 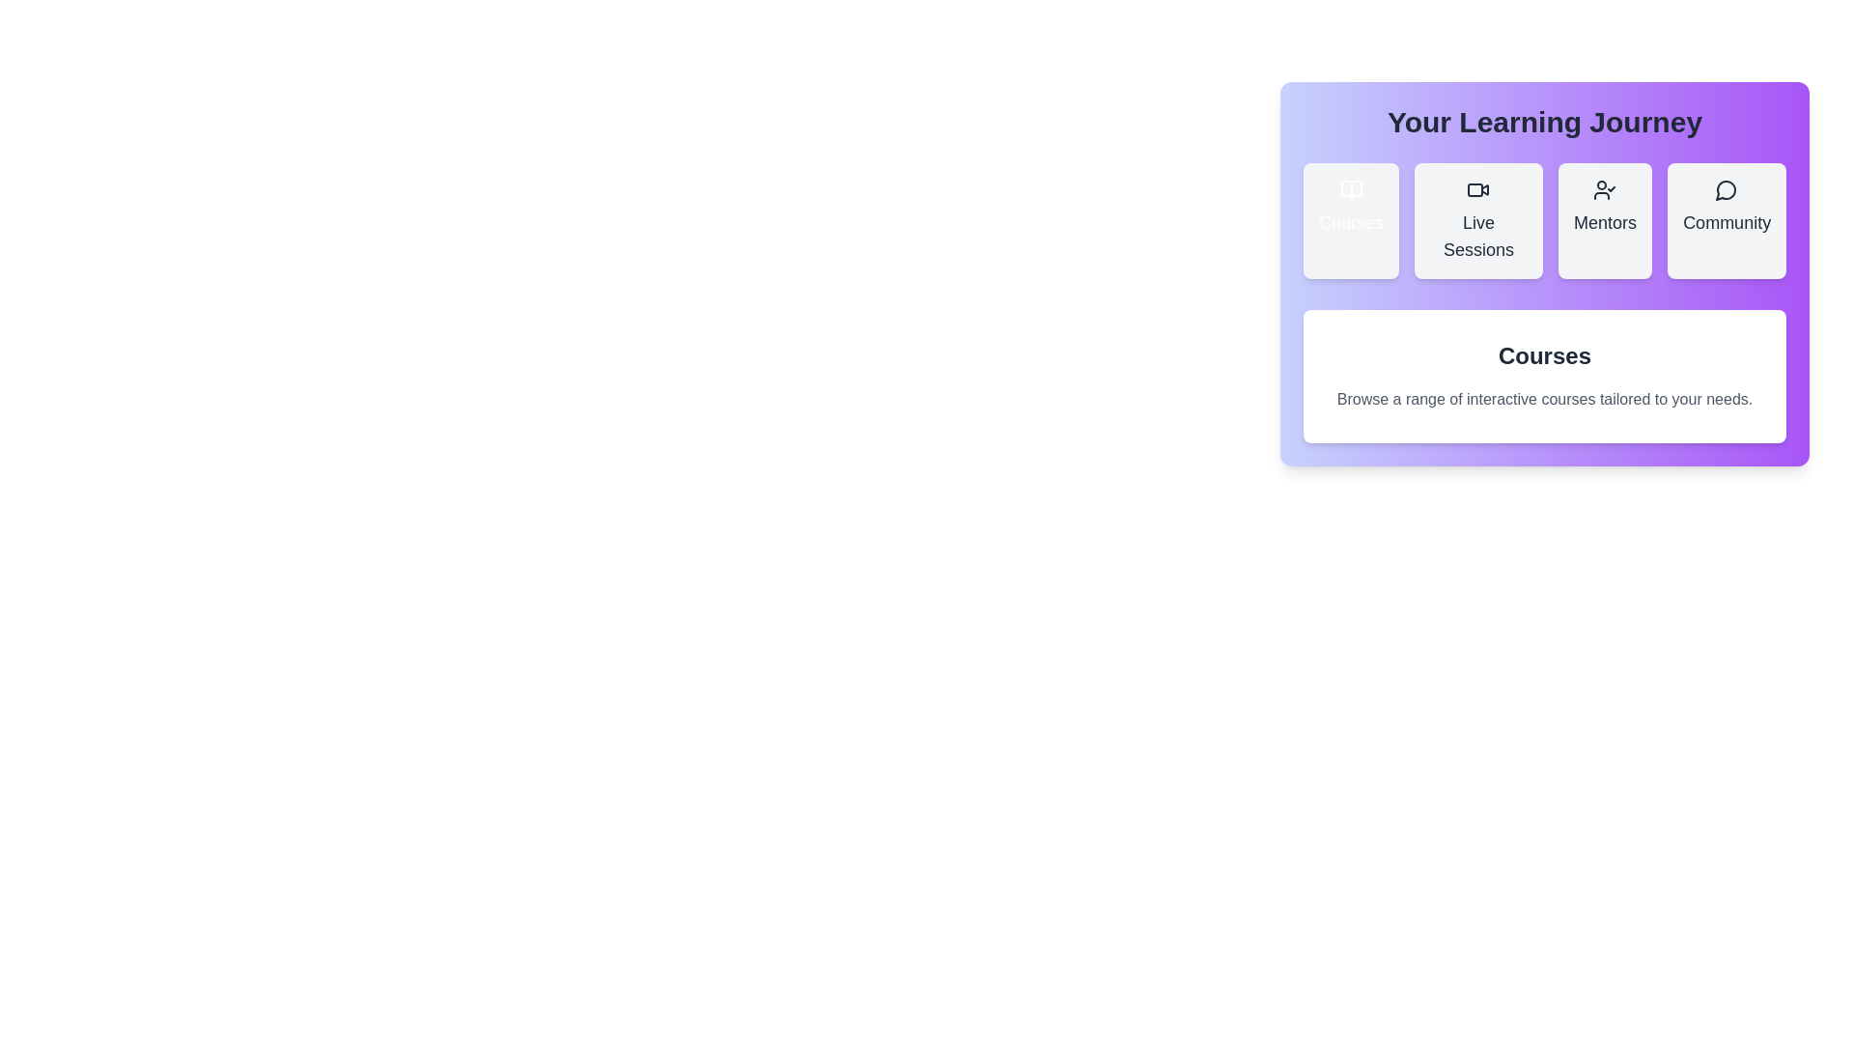 I want to click on the Community tab, so click(x=1727, y=219).